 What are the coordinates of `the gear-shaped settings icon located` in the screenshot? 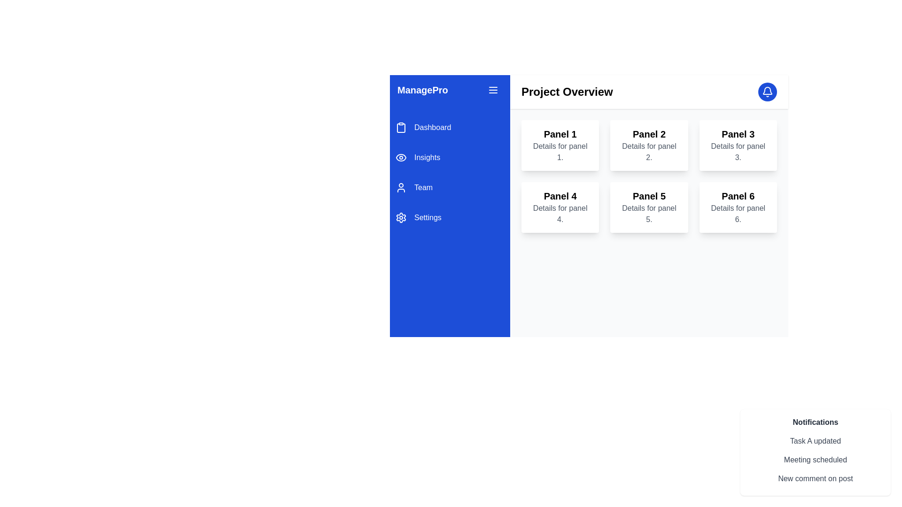 It's located at (401, 217).